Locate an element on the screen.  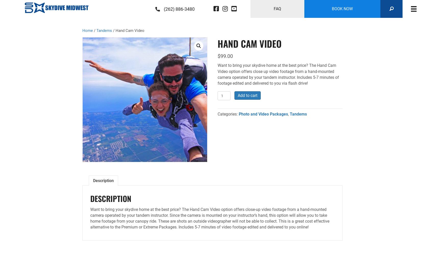
'BOOK NOW' is located at coordinates (342, 9).